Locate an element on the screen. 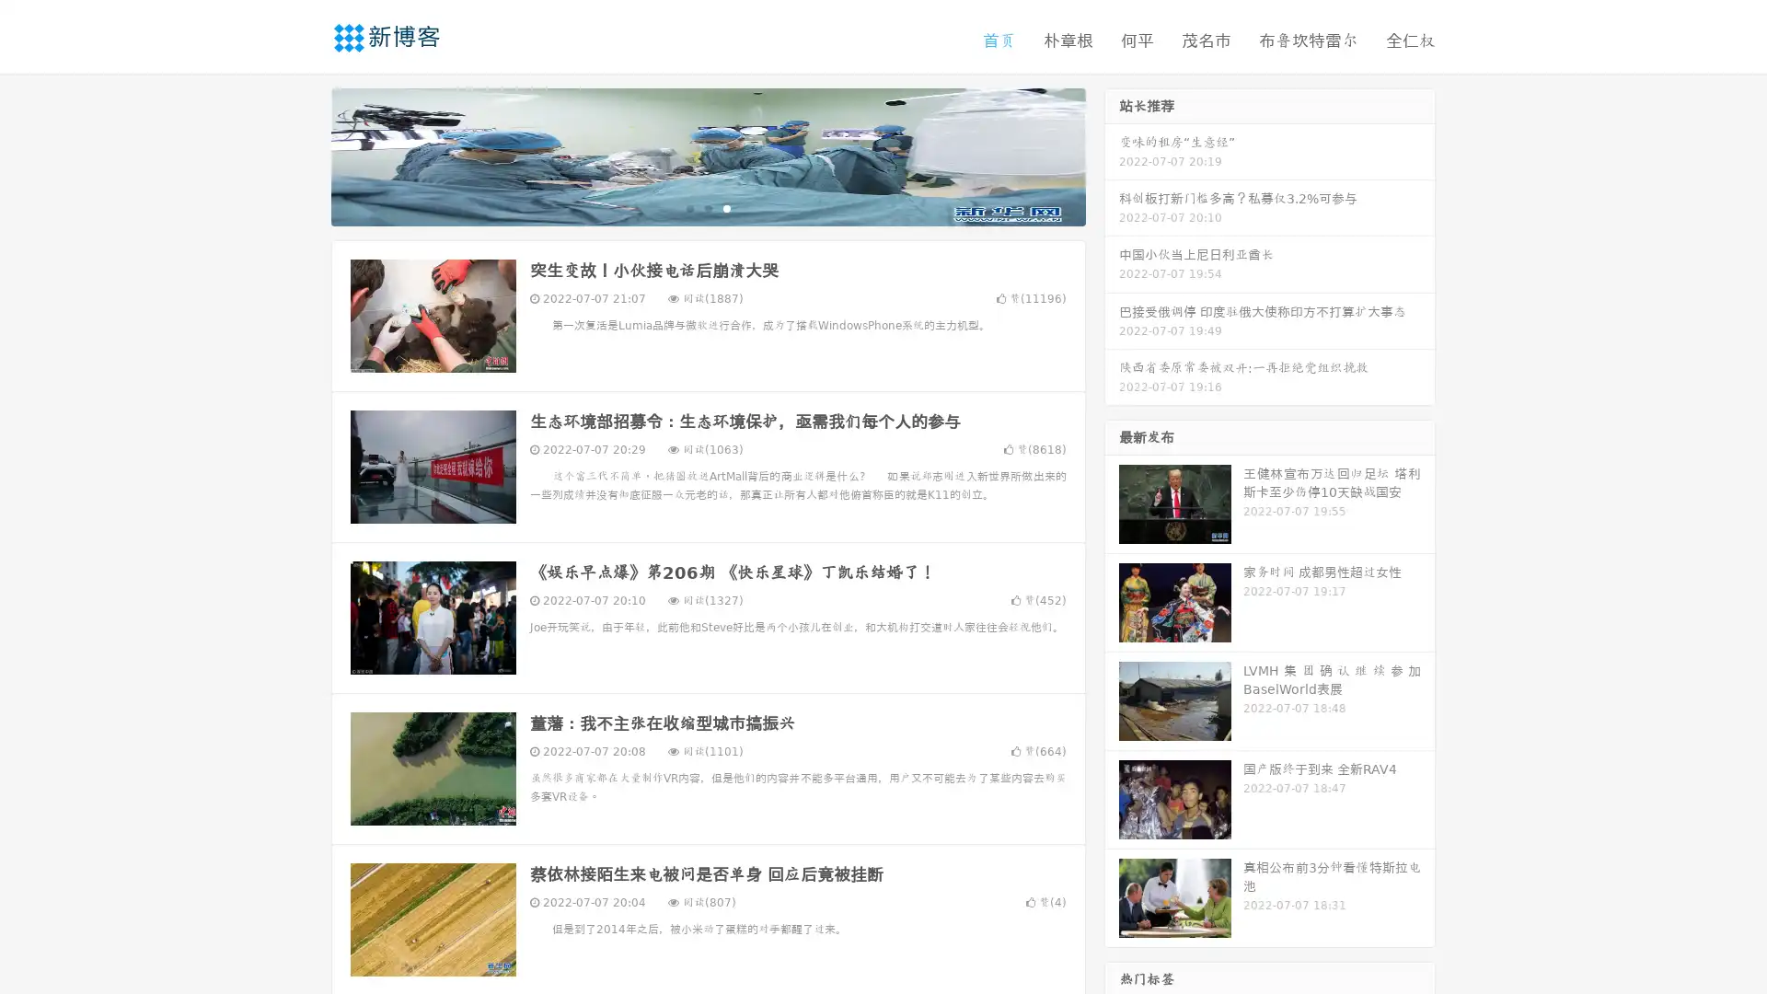  Next slide is located at coordinates (1112, 155).